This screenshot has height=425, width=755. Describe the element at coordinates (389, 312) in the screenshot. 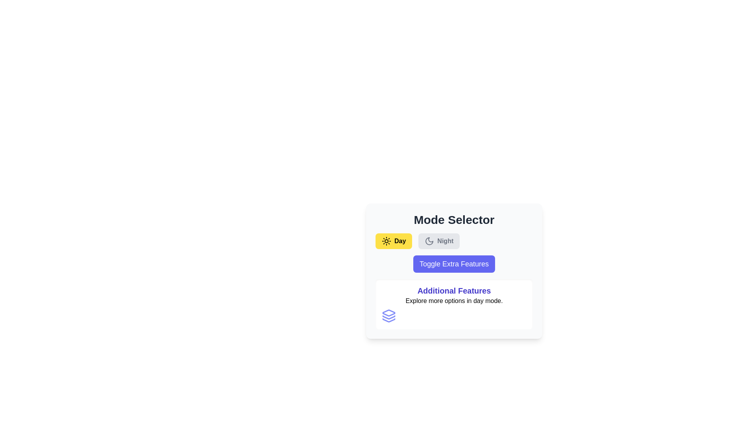

I see `the topmost Icon/SVG graphic within the 'Additional Features' card, which symbolizes layers or multiple levels` at that location.